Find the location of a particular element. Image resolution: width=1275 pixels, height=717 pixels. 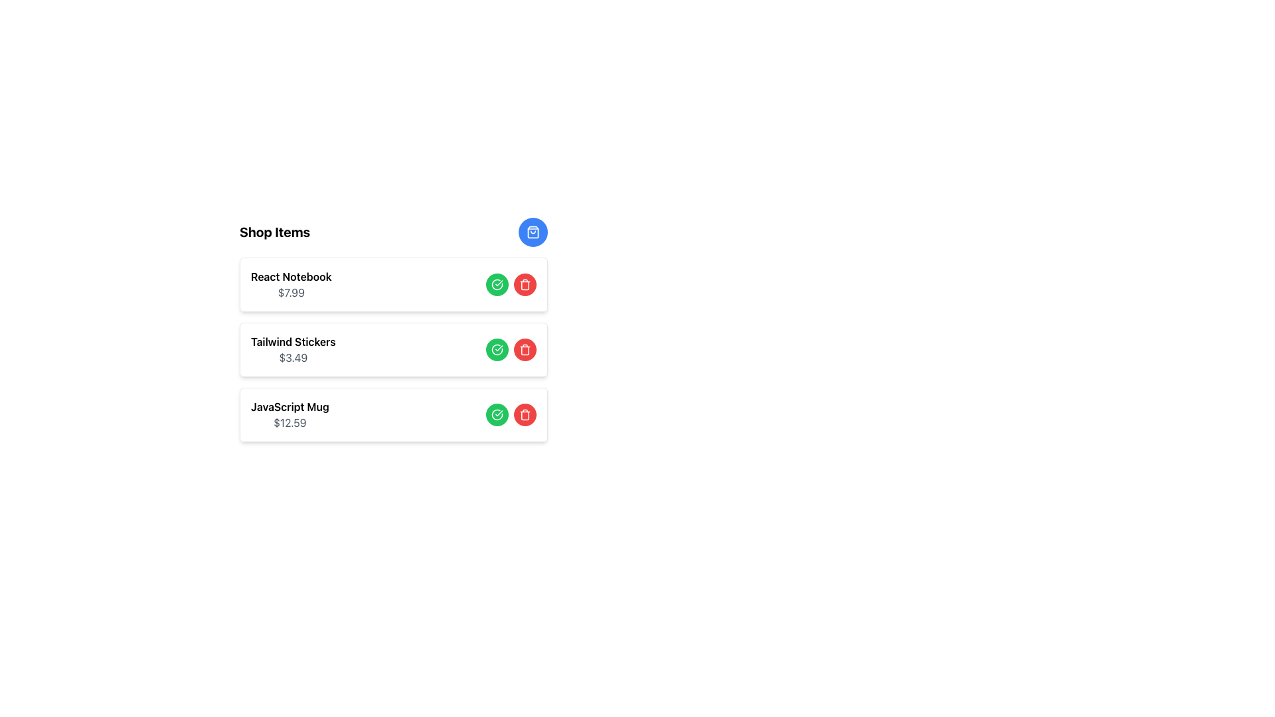

the circular green confirmation button with a checkmark icon to confirm the action is located at coordinates (496, 414).